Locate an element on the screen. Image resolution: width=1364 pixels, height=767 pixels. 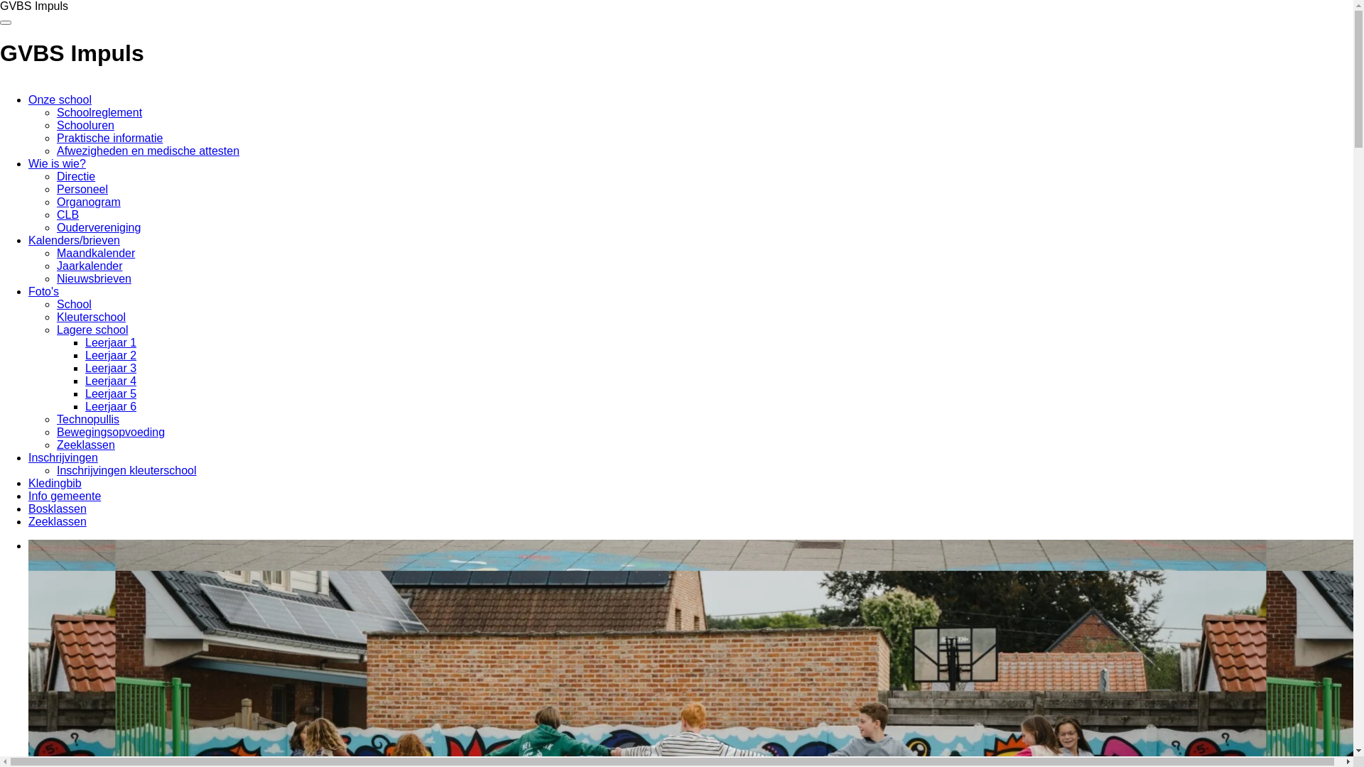
'Zeeklassen' is located at coordinates (57, 444).